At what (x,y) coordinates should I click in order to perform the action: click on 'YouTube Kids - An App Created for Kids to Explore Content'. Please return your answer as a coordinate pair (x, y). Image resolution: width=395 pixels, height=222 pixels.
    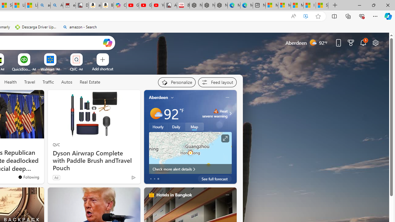
    Looking at the image, I should click on (158, 5).